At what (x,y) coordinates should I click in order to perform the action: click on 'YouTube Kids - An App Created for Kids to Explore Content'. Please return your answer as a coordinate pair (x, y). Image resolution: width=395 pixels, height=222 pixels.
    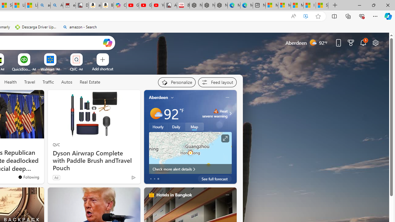
    Looking at the image, I should click on (158, 5).